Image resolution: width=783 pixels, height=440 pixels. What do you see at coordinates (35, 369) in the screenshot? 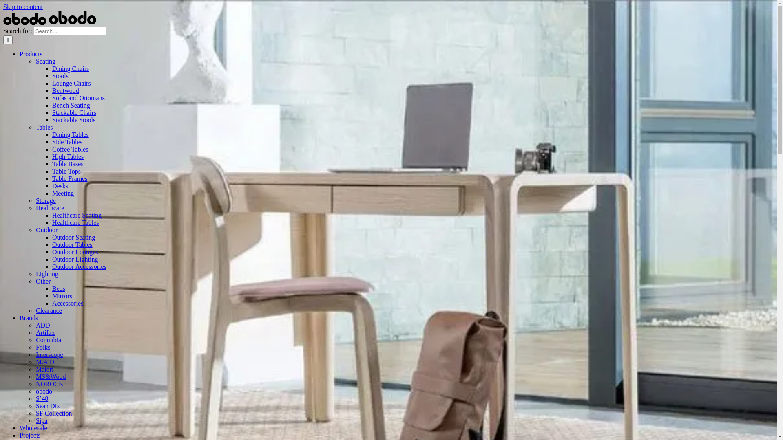
I see `'Maiori'` at bounding box center [35, 369].